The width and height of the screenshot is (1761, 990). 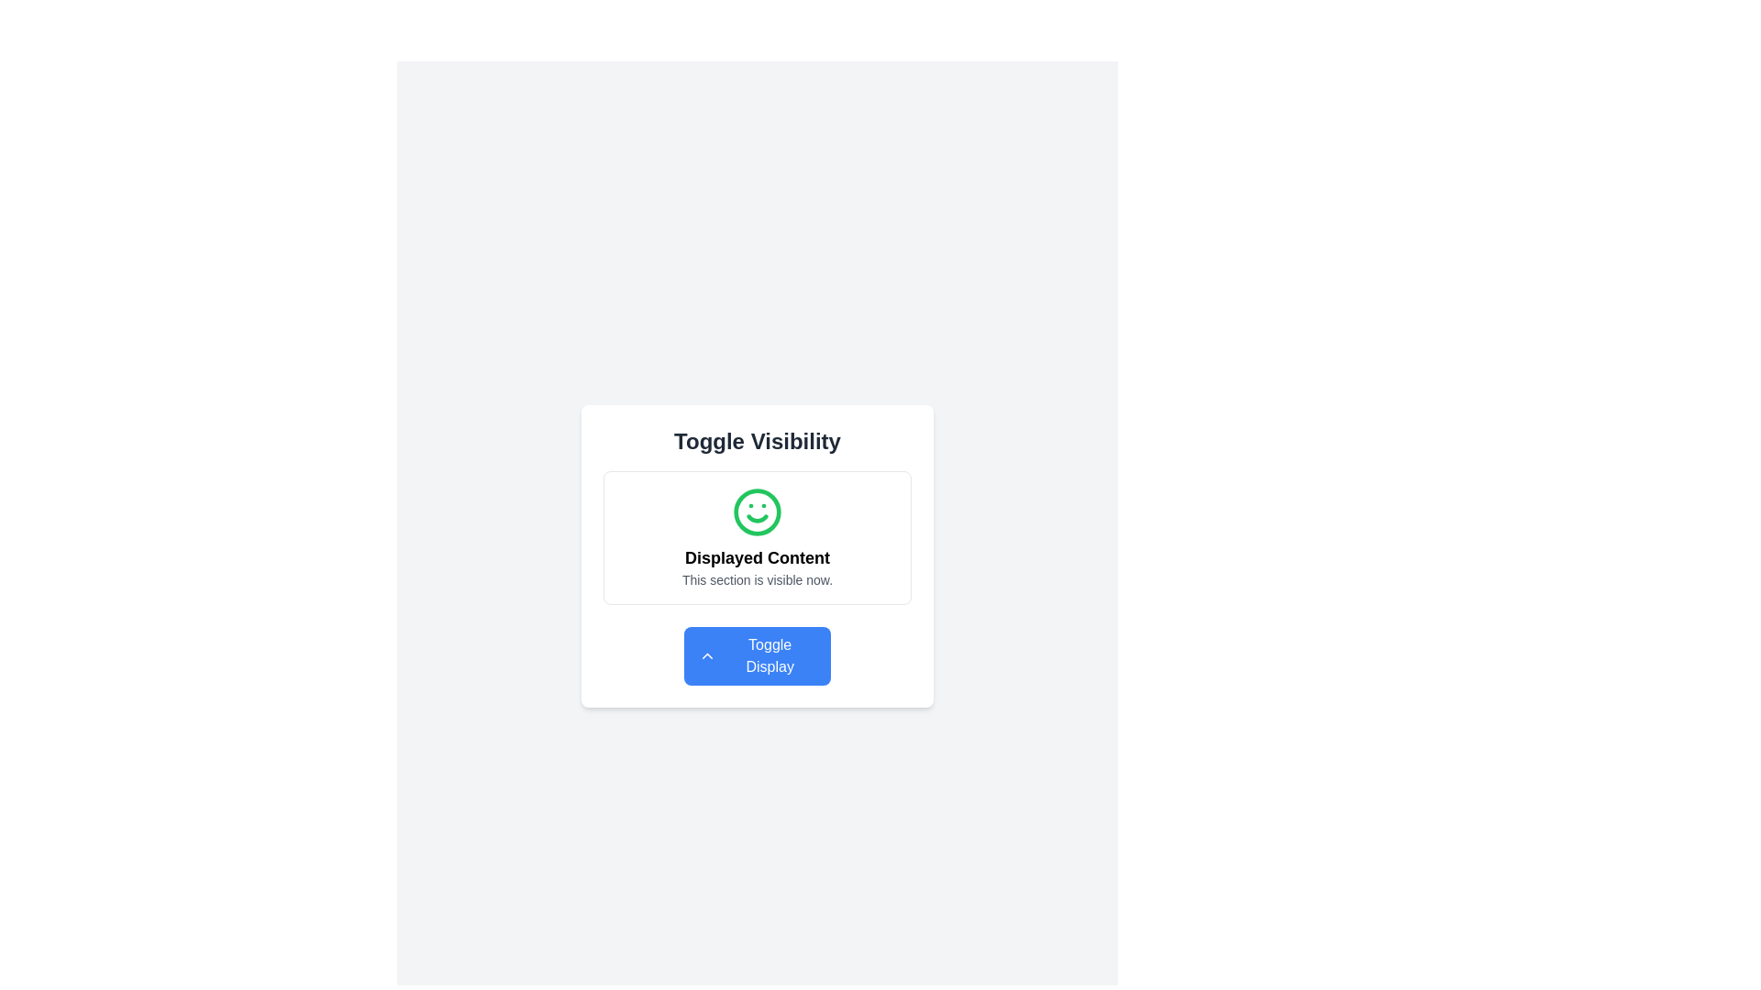 What do you see at coordinates (757, 655) in the screenshot?
I see `the blue button labeled 'Toggle Display' with a white text and an upward chevron icon` at bounding box center [757, 655].